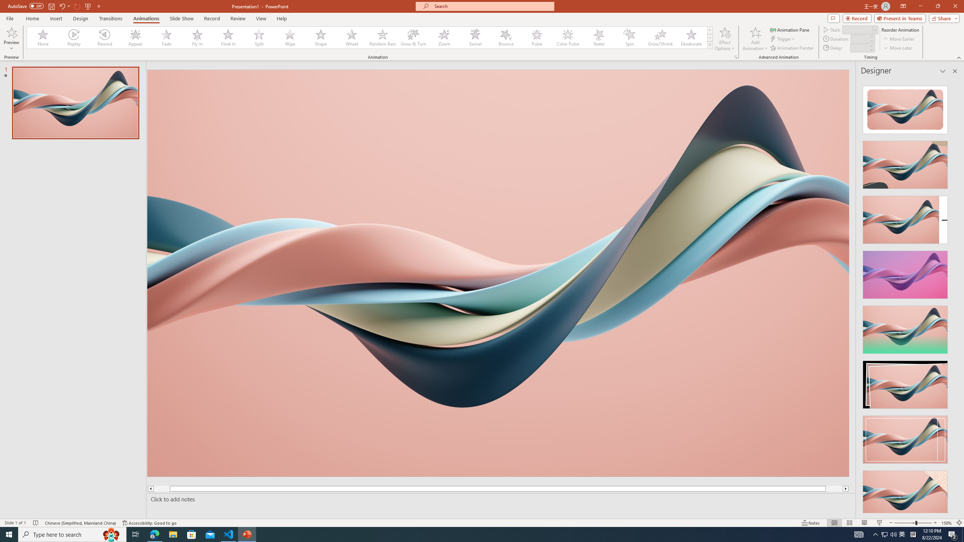 The width and height of the screenshot is (964, 542). I want to click on 'Add Animation', so click(755, 39).